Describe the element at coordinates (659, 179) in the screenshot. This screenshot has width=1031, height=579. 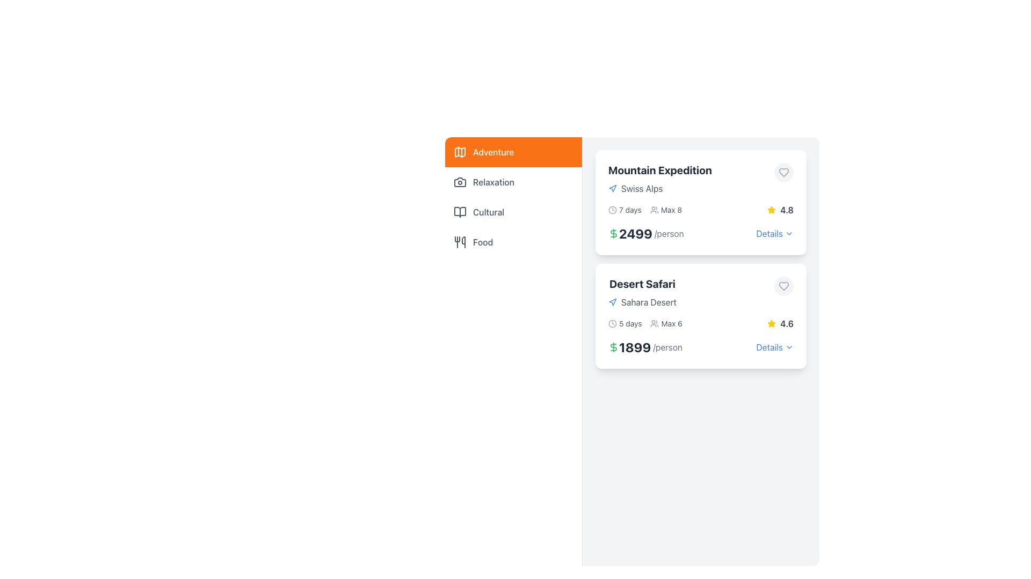
I see `text block titled 'Mountain Expedition' with the subtitle 'Swiss Alps', which is positioned in the top-left region of the card structure containing trip details` at that location.